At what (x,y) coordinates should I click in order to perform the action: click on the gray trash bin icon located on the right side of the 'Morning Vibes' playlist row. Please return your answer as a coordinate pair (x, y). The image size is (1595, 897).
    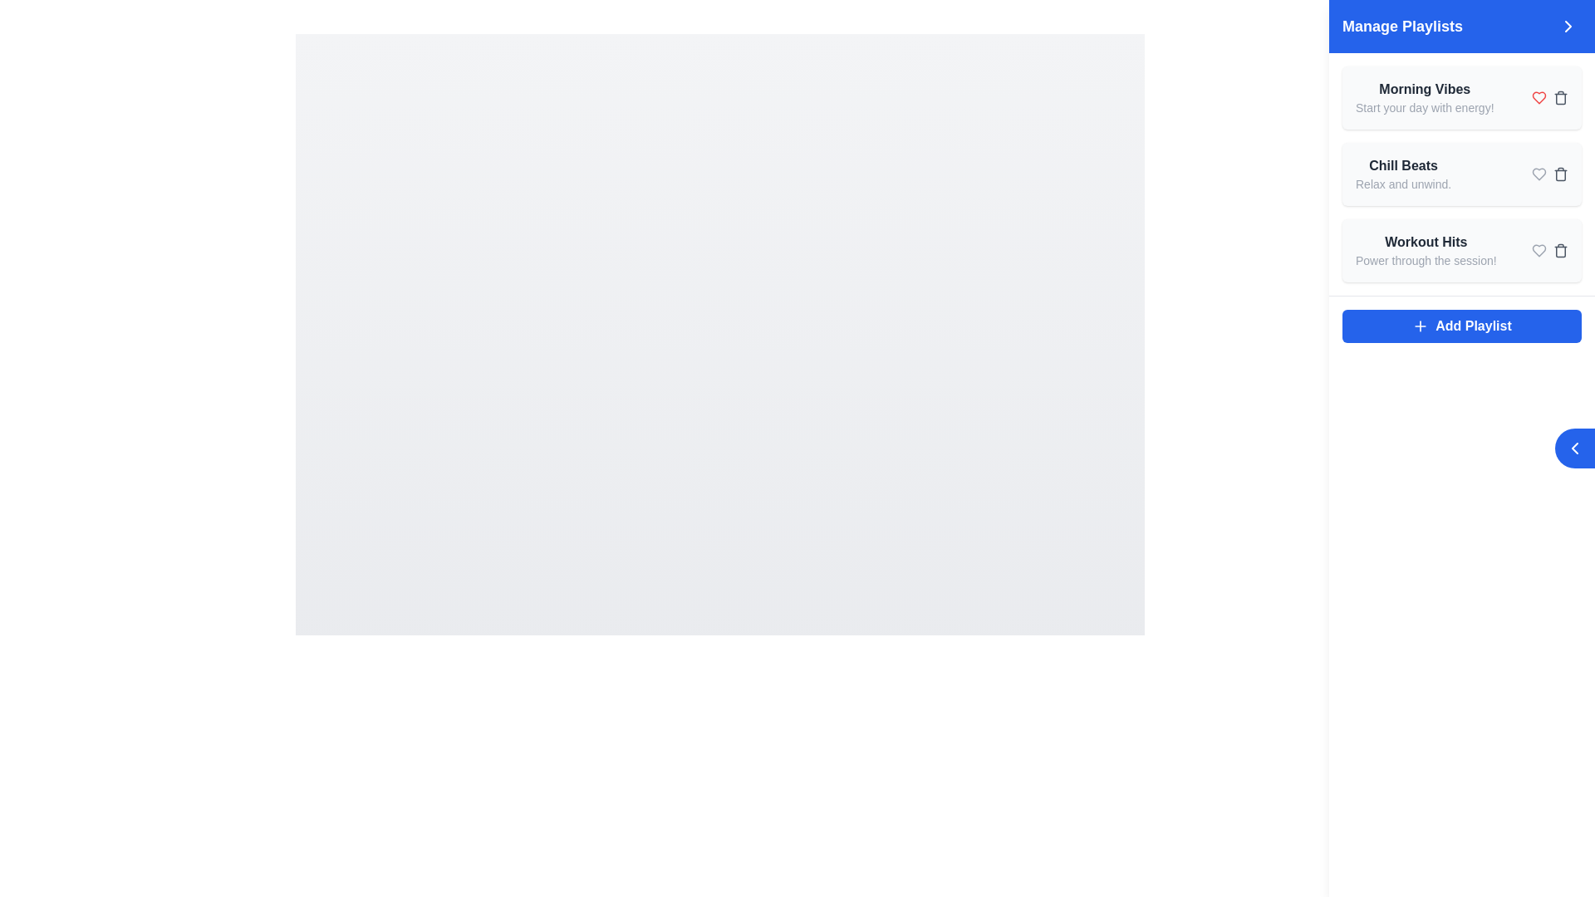
    Looking at the image, I should click on (1559, 98).